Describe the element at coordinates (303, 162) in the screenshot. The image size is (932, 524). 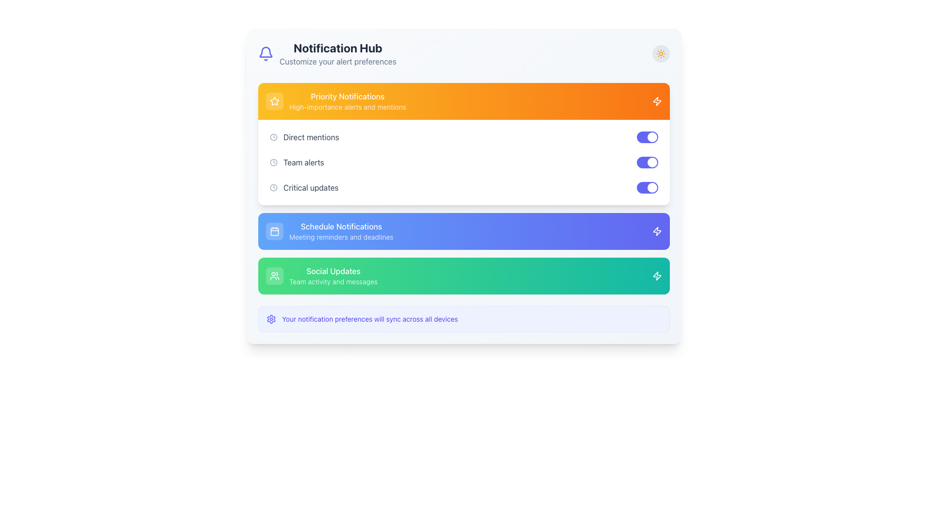
I see `'Team alerts' text label located in the second row of the 'Priority Notifications' section, positioned to the right of the clock icon` at that location.